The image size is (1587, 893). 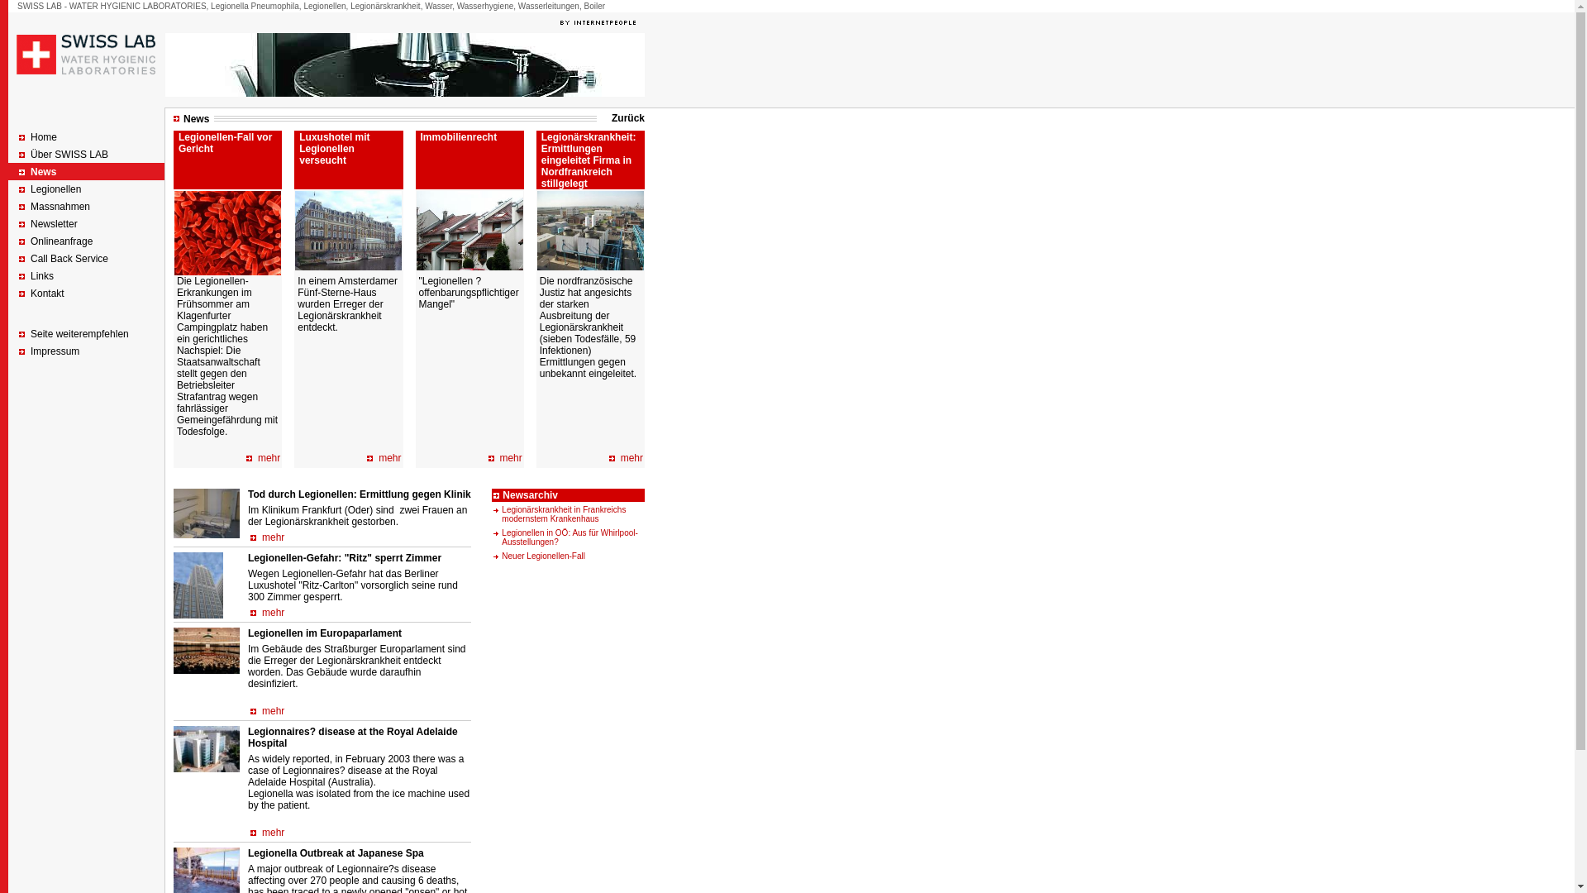 I want to click on 'Newsletter', so click(x=54, y=223).